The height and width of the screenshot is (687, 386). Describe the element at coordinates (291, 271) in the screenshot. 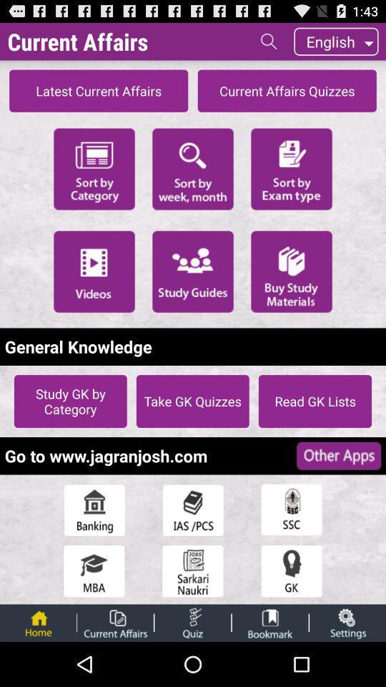

I see `buy more study materials` at that location.